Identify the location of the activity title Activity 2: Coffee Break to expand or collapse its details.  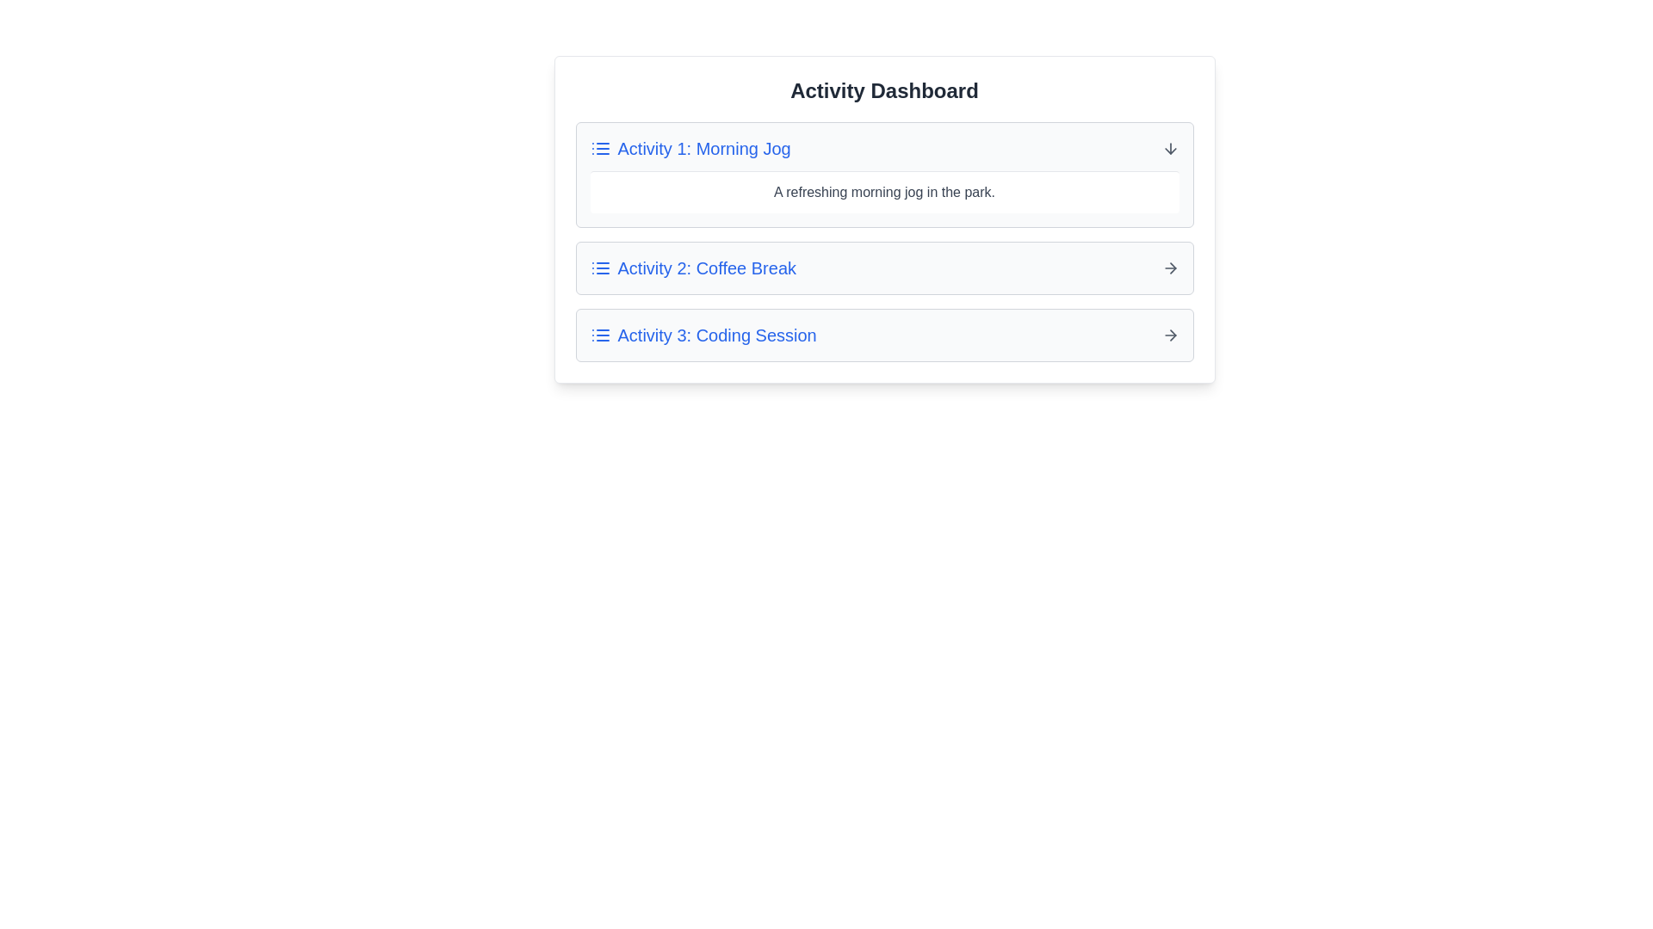
(693, 268).